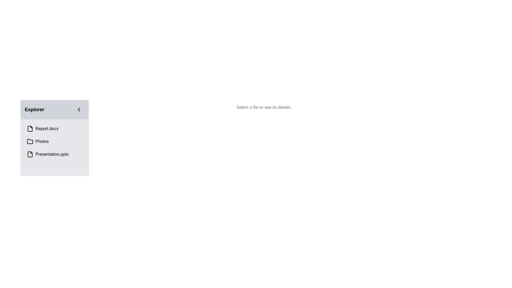  Describe the element at coordinates (52, 154) in the screenshot. I see `the text label representing the PowerPoint presentation file named 'Presentation.pptx' in the file explorer interface` at that location.